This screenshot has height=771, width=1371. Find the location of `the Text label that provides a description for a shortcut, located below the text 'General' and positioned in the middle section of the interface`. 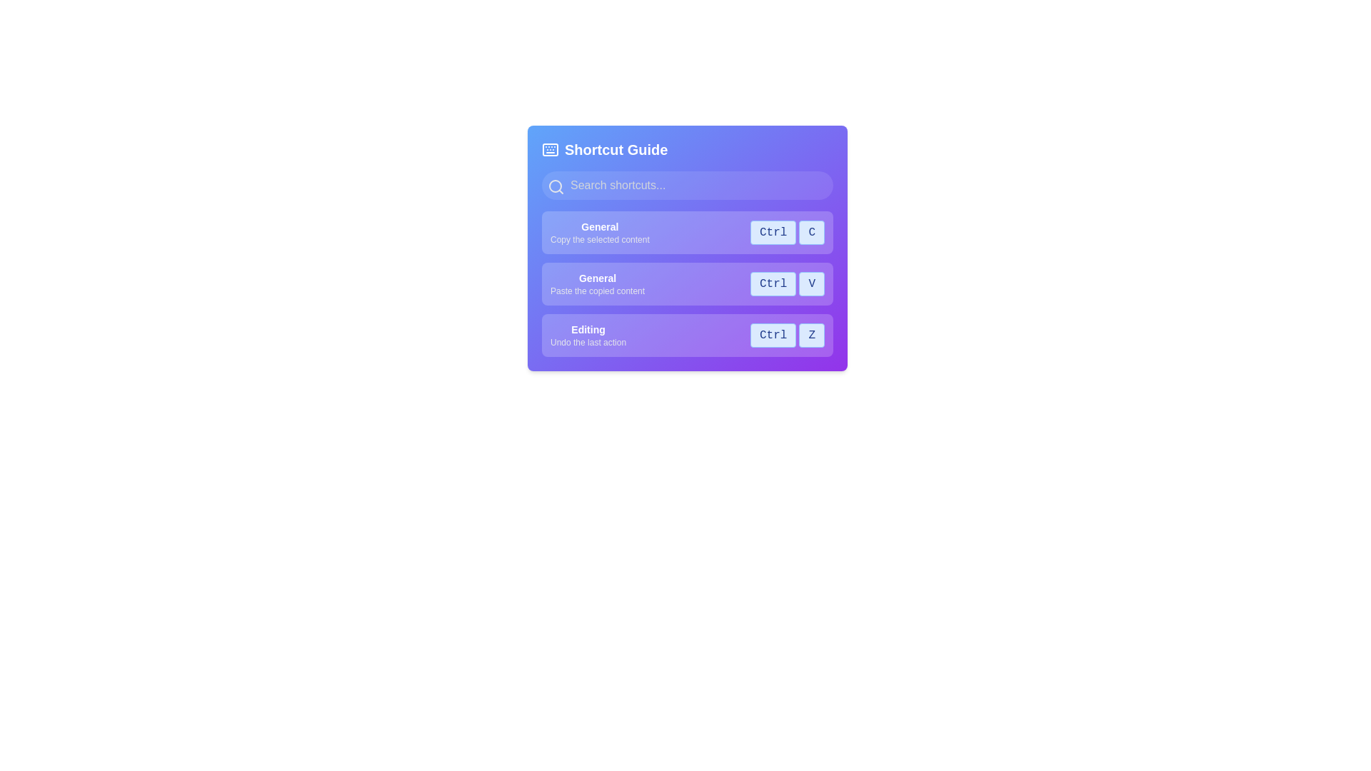

the Text label that provides a description for a shortcut, located below the text 'General' and positioned in the middle section of the interface is located at coordinates (598, 291).